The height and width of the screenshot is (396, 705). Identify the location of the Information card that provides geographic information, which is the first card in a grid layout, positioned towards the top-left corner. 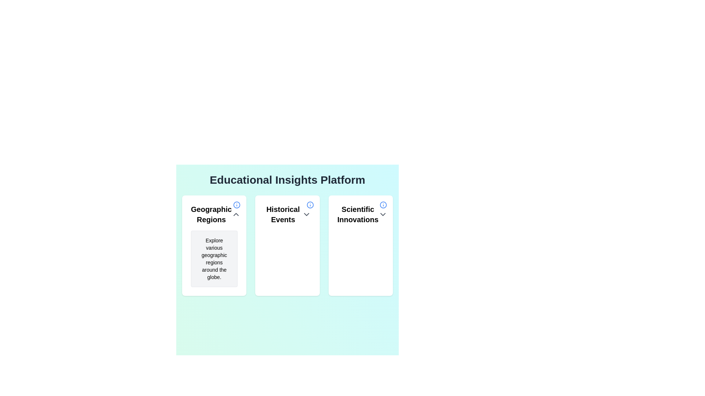
(214, 246).